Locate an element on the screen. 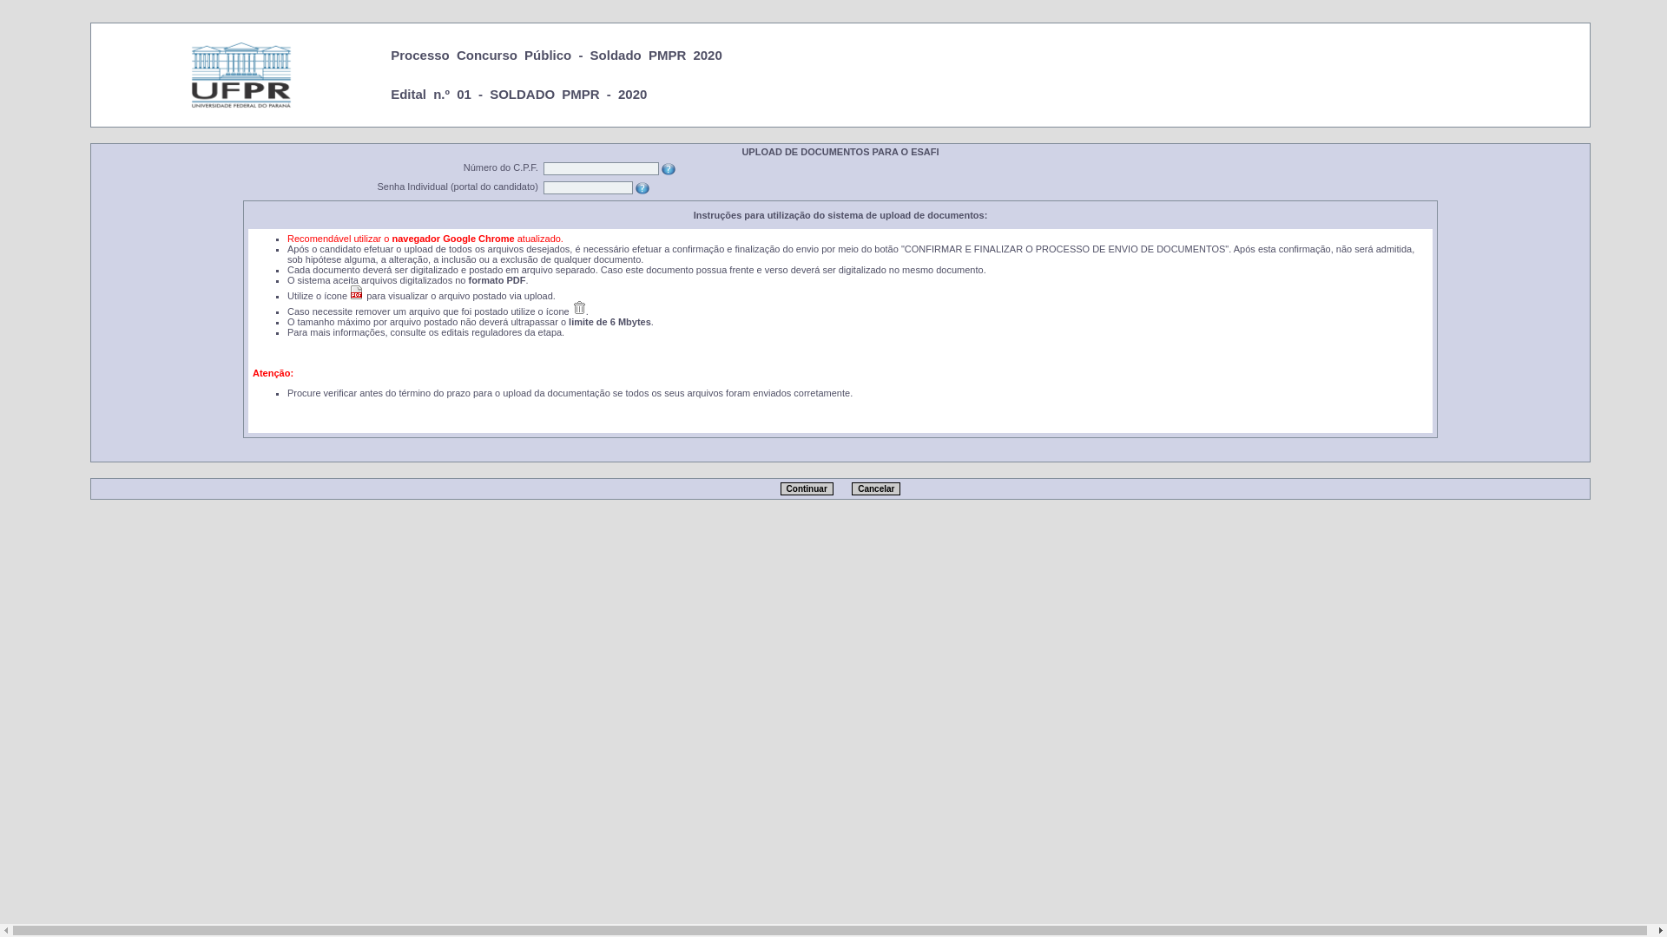  'Cancelar' is located at coordinates (851, 488).